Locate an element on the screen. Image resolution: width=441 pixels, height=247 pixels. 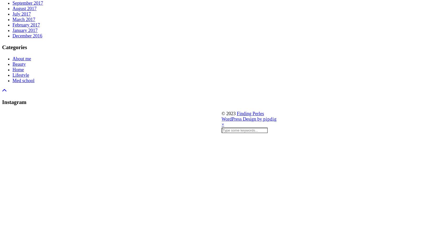
'Finding Perles' is located at coordinates (250, 113).